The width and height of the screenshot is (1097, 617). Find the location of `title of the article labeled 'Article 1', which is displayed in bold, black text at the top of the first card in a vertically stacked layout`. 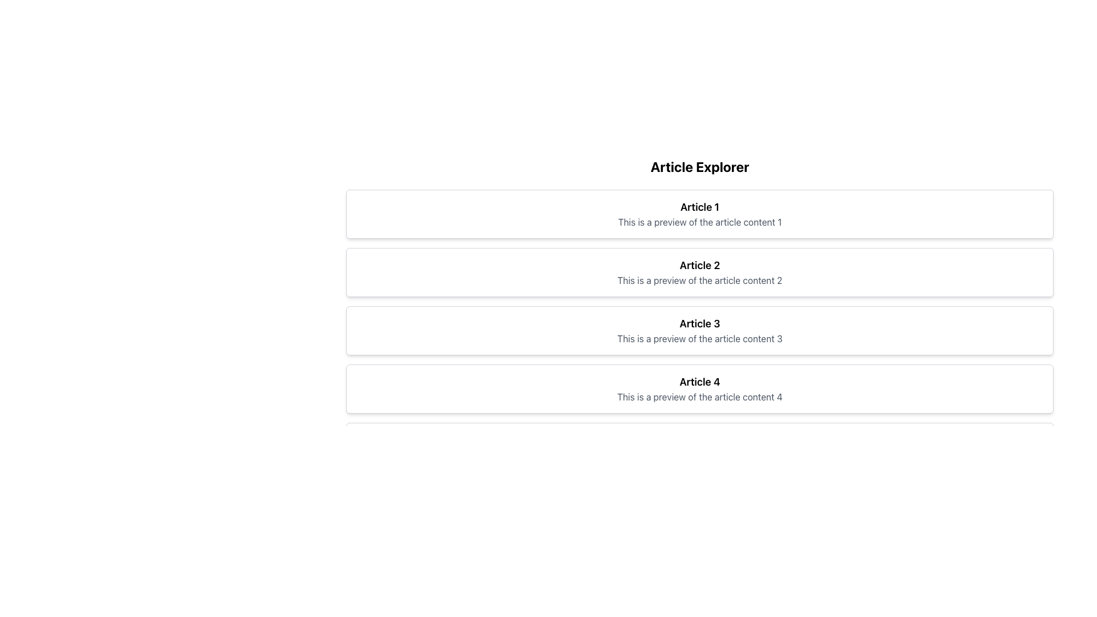

title of the article labeled 'Article 1', which is displayed in bold, black text at the top of the first card in a vertically stacked layout is located at coordinates (699, 207).